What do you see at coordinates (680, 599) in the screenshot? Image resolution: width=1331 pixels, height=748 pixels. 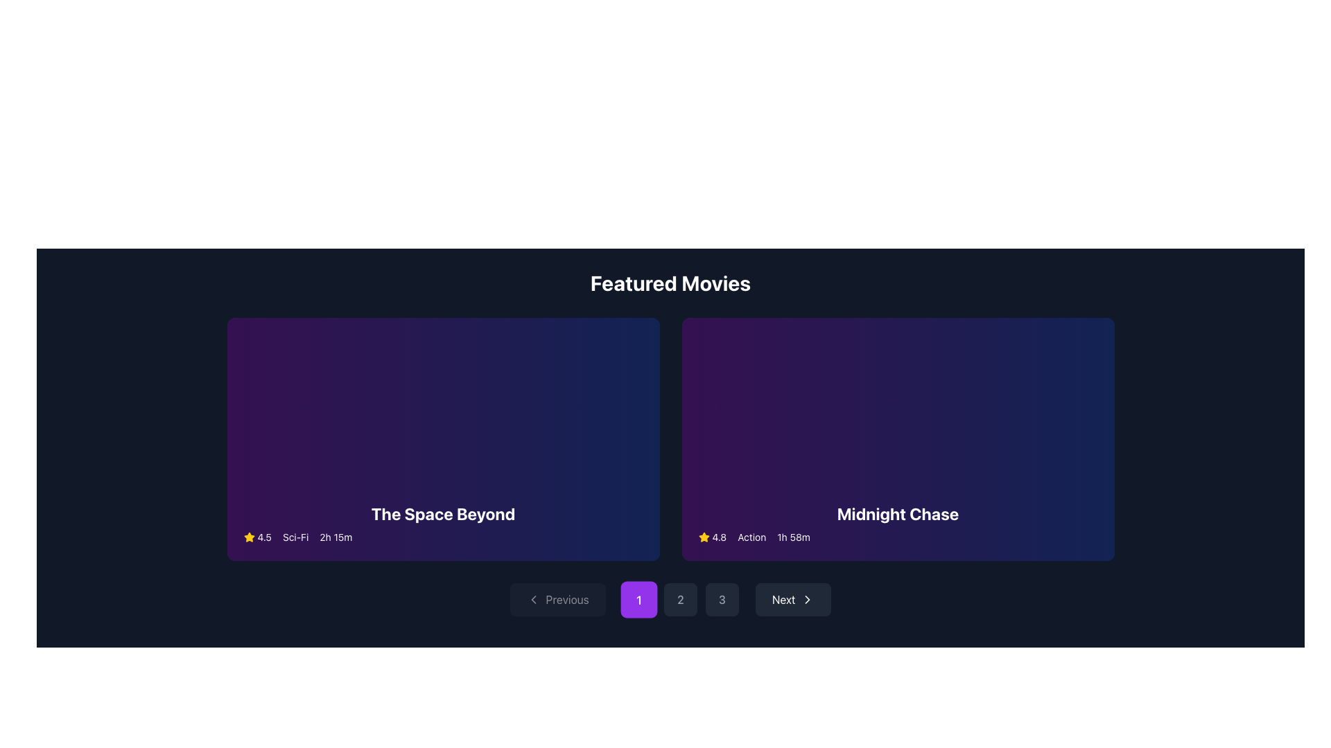 I see `the pagination button labeled '2' with a dark gray background` at bounding box center [680, 599].